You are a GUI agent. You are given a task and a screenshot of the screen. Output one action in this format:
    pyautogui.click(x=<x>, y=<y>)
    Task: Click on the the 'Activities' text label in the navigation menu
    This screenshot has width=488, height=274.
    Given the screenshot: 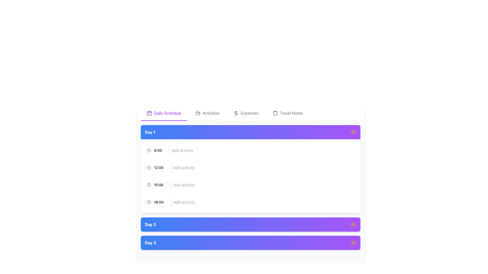 What is the action you would take?
    pyautogui.click(x=211, y=113)
    